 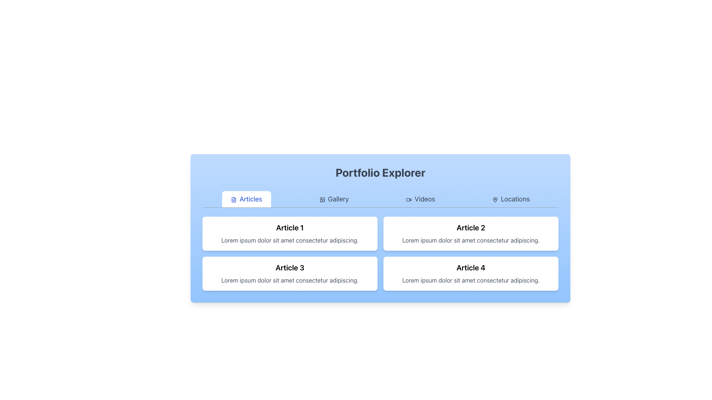 I want to click on the Card Component titled 'Article 1' which is a rectangular card with a white background and rounded corners located at the top-left corner of a grid layout, so click(x=290, y=234).